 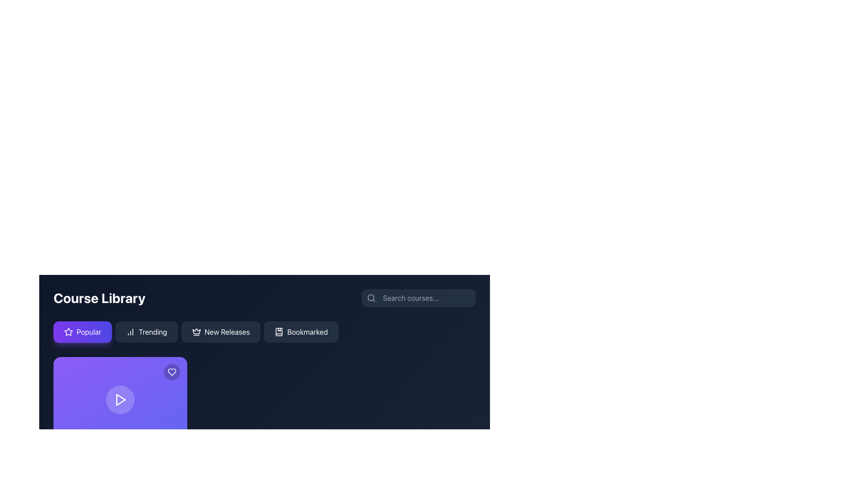 I want to click on the play button element on the course card, so click(x=119, y=399).